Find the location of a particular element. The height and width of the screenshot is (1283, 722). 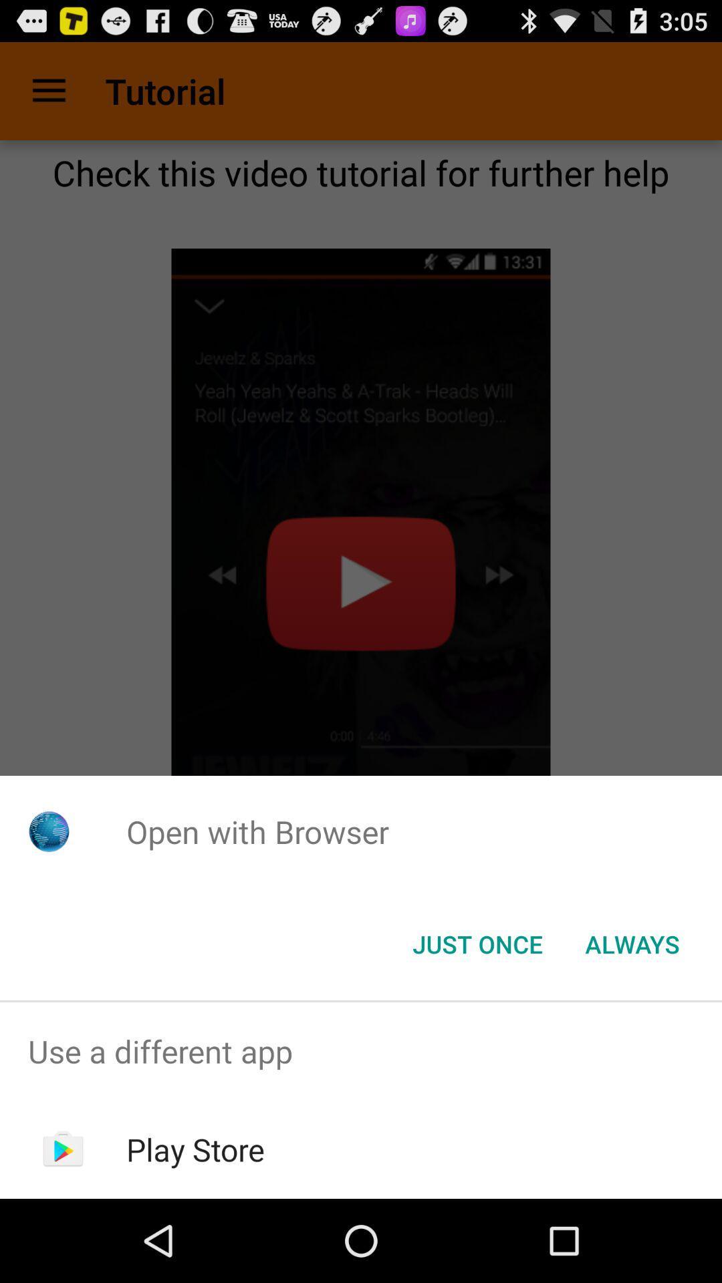

the always icon is located at coordinates (632, 943).